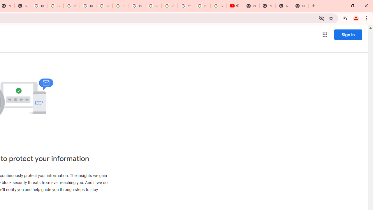 Image resolution: width=373 pixels, height=210 pixels. What do you see at coordinates (120, 6) in the screenshot?
I see `'Sign in - Google Accounts'` at bounding box center [120, 6].